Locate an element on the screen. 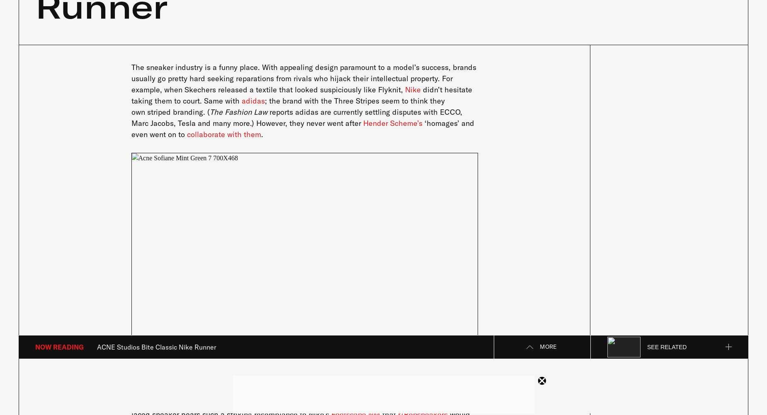 This screenshot has width=767, height=415. 'collaborate with them' is located at coordinates (223, 133).